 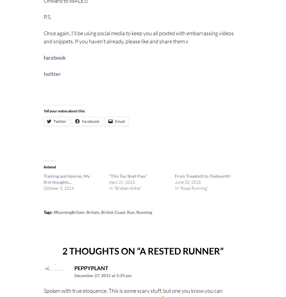 I want to click on 'Twitter', so click(x=54, y=121).